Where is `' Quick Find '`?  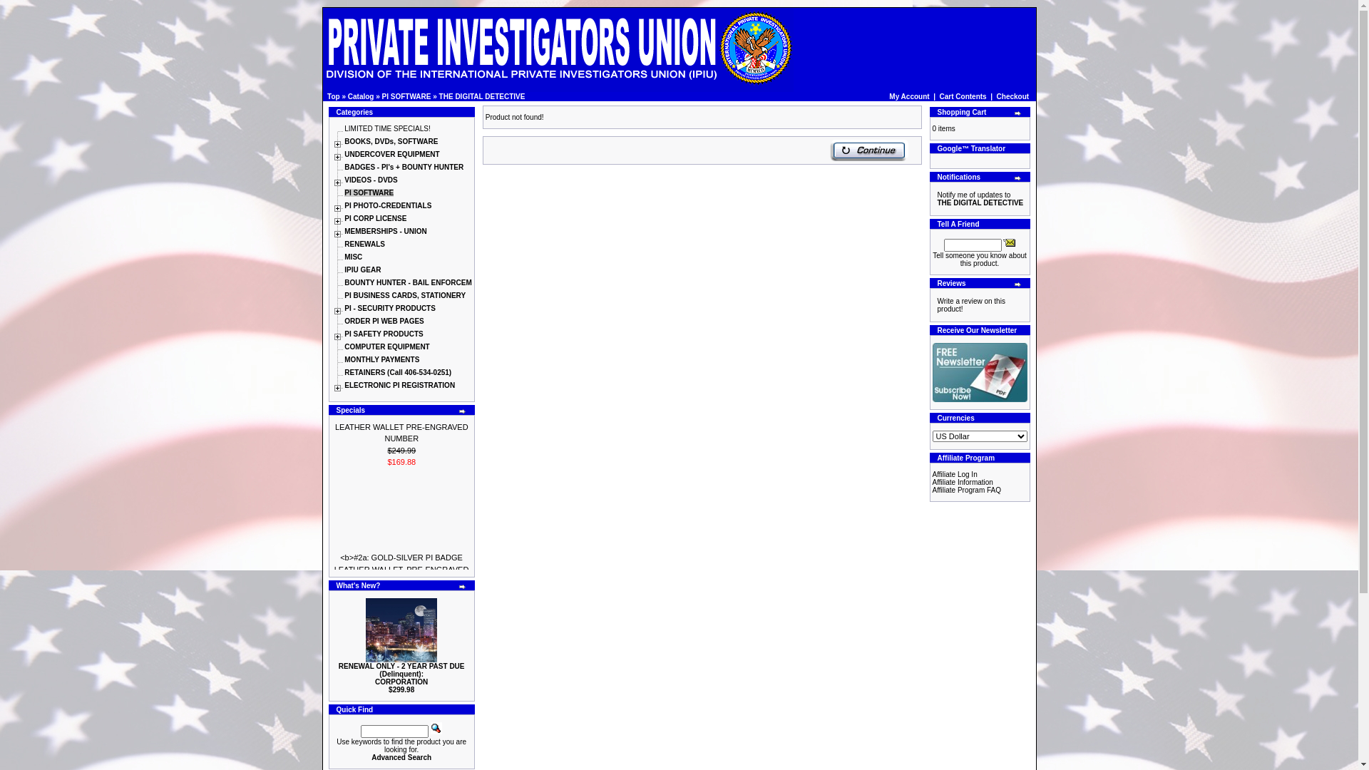 ' Quick Find ' is located at coordinates (435, 728).